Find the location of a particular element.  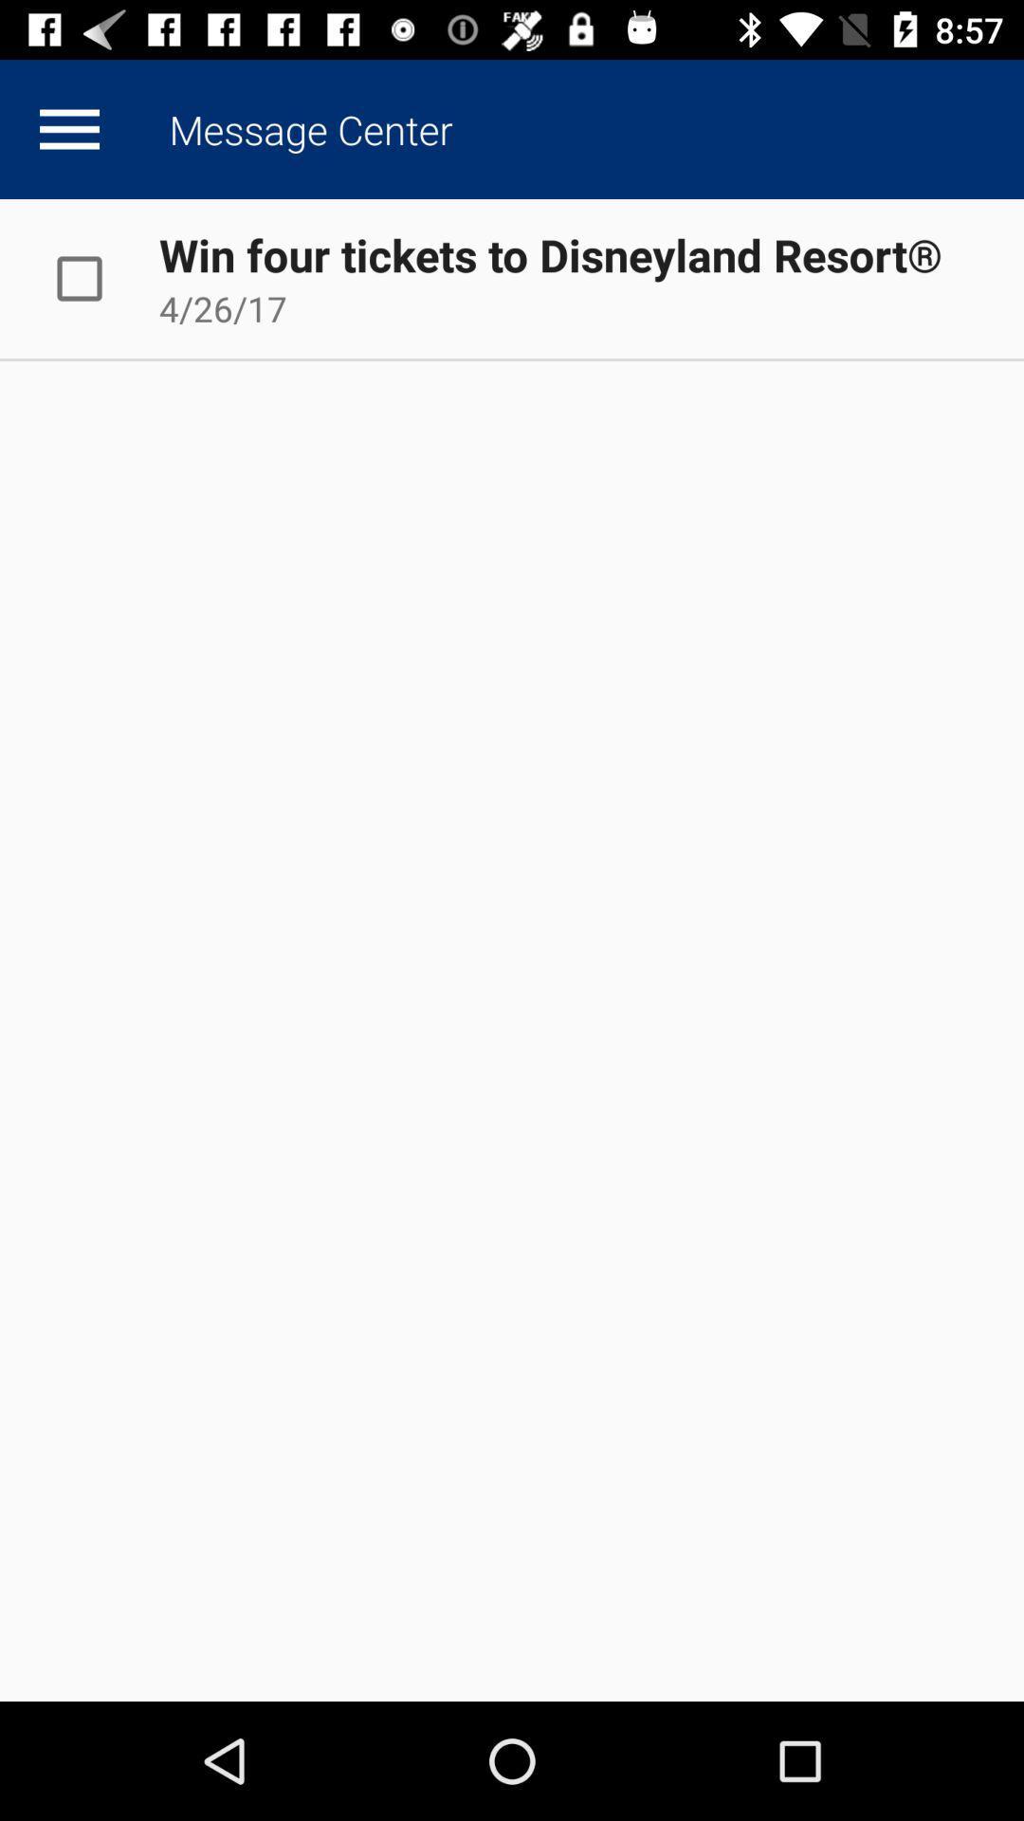

option is located at coordinates (99, 277).